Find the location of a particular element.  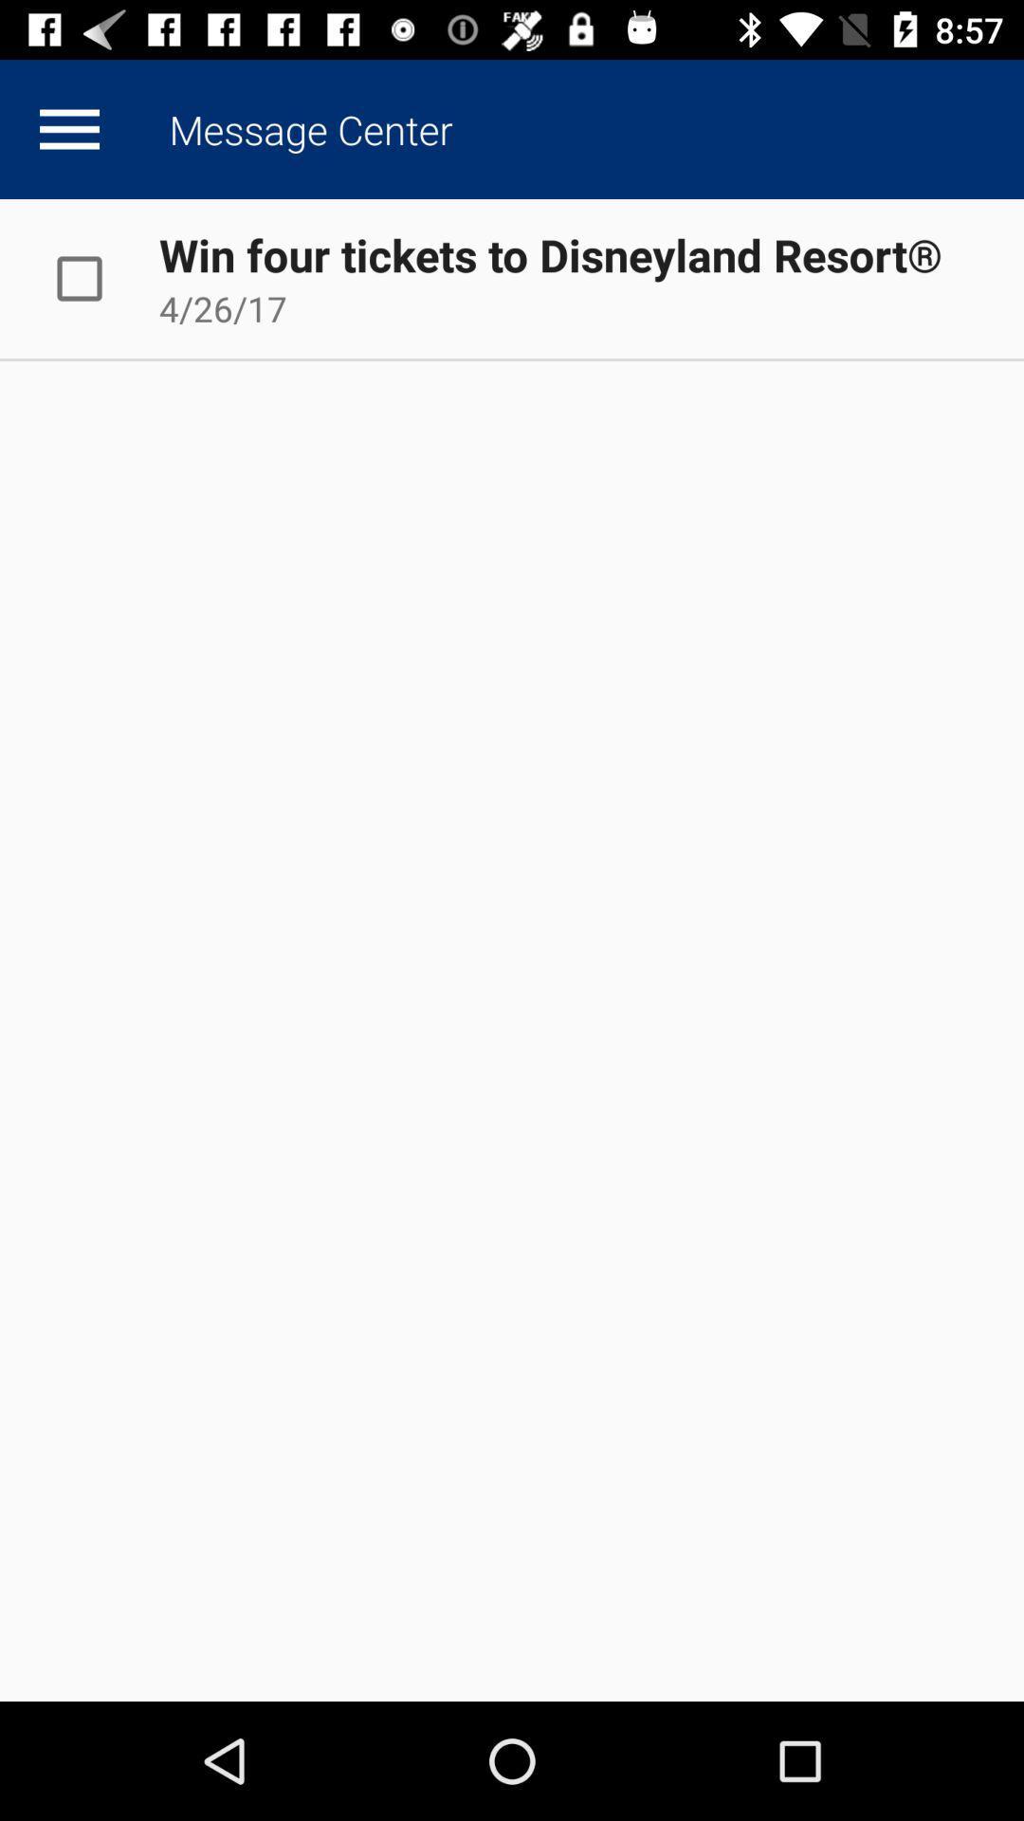

option is located at coordinates (99, 277).